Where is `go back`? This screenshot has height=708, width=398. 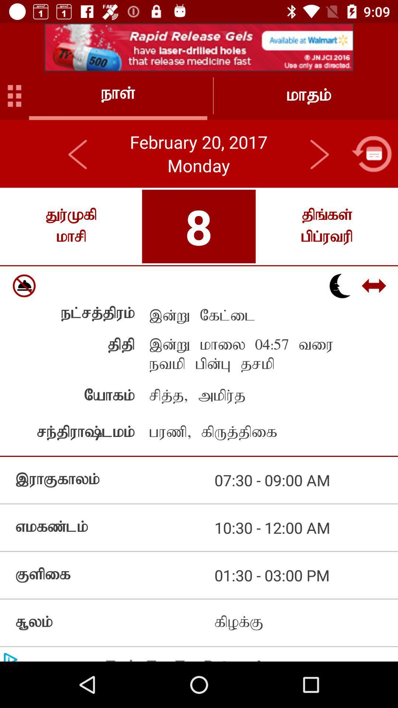 go back is located at coordinates (78, 153).